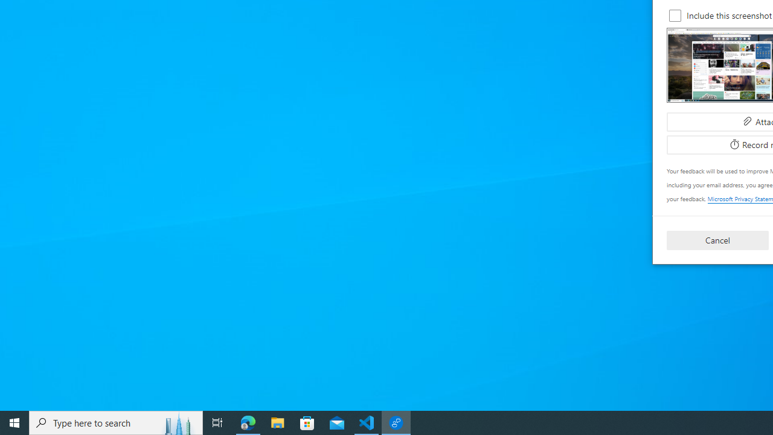 This screenshot has height=435, width=773. Describe the element at coordinates (366, 422) in the screenshot. I see `'Visual Studio Code - 1 running window'` at that location.